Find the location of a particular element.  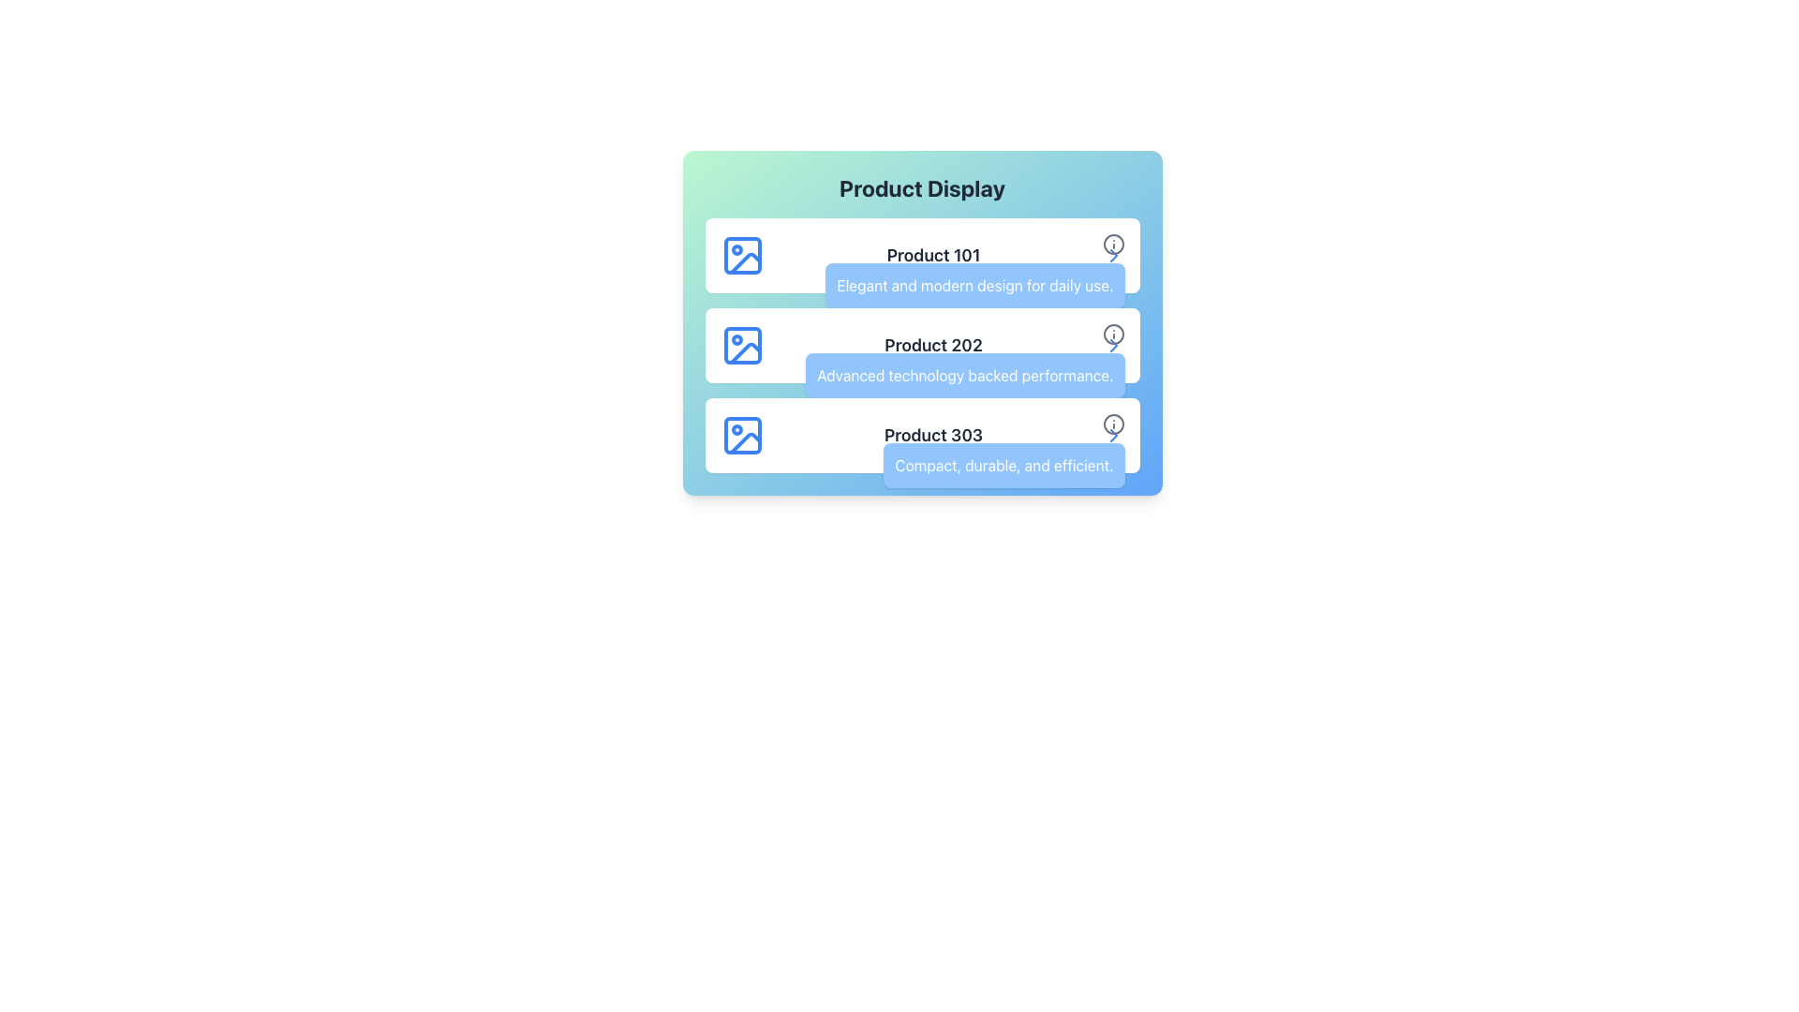

the circular boundary of the information icon located to the right of the 'Product 303' panel, which is the third icon in the sequence for the last product listed is located at coordinates (1113, 424).